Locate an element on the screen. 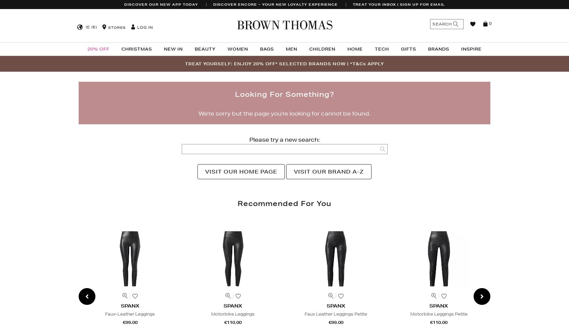 This screenshot has width=569, height=335. 'Looking for something?' is located at coordinates (284, 94).